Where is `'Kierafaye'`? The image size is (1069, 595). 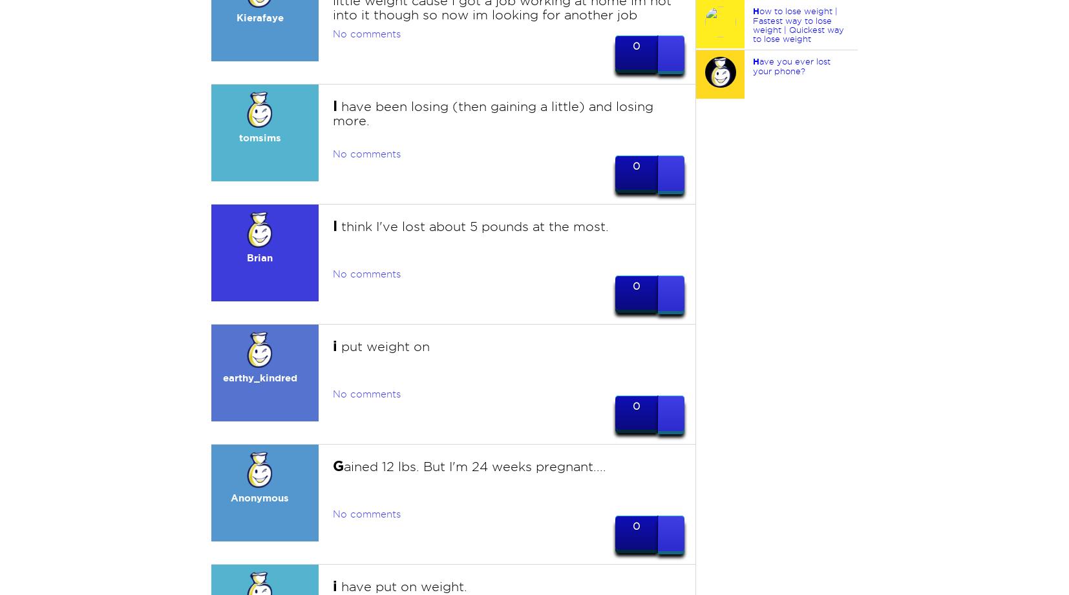 'Kierafaye' is located at coordinates (259, 17).